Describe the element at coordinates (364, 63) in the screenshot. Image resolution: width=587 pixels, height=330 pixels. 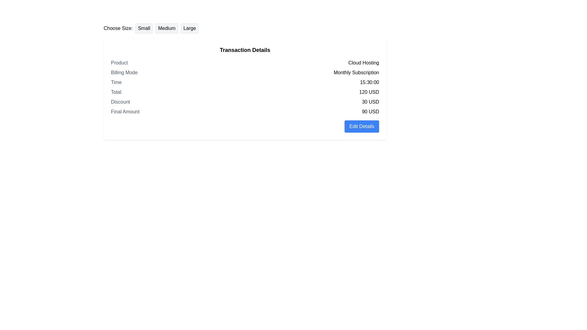
I see `the text label that serves as a descriptor for the product, positioned to the right of the 'Product' text within the 'Transaction Details' content box` at that location.